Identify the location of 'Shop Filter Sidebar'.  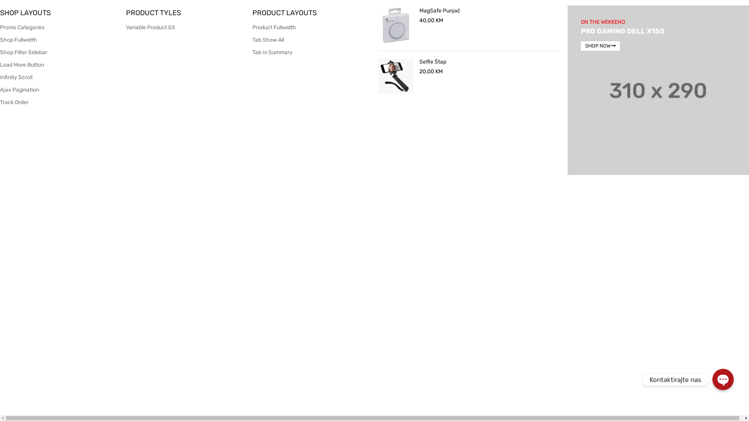
(23, 52).